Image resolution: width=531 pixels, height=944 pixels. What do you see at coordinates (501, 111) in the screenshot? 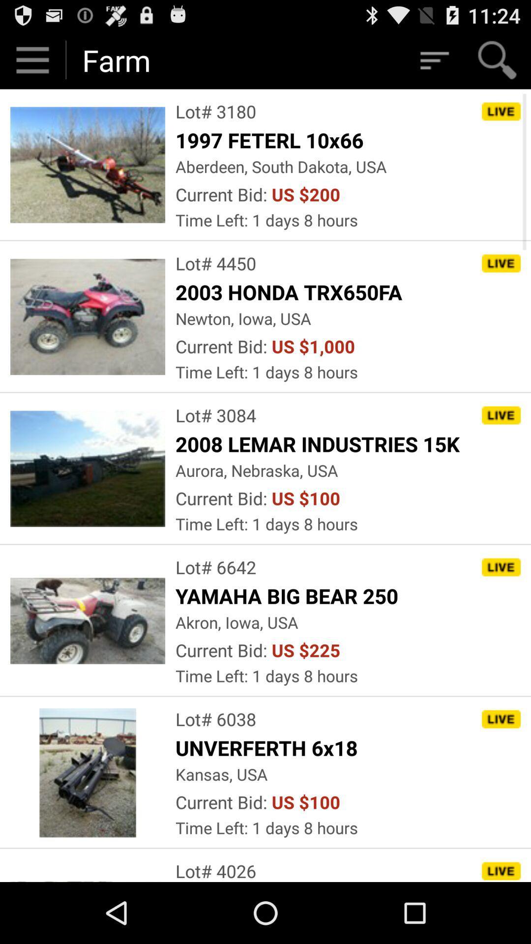
I see `the button which is right to the text lot 3180` at bounding box center [501, 111].